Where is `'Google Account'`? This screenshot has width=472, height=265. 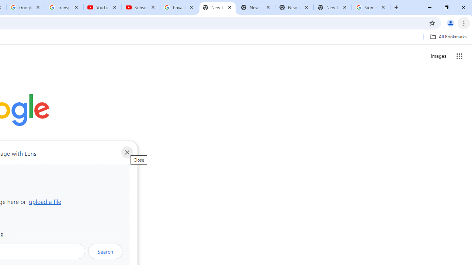 'Google Account' is located at coordinates (25, 7).